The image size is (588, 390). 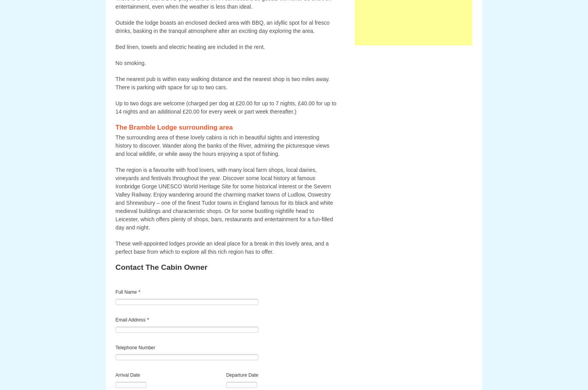 I want to click on 'There is parking with space for up to two cars.', so click(x=171, y=87).